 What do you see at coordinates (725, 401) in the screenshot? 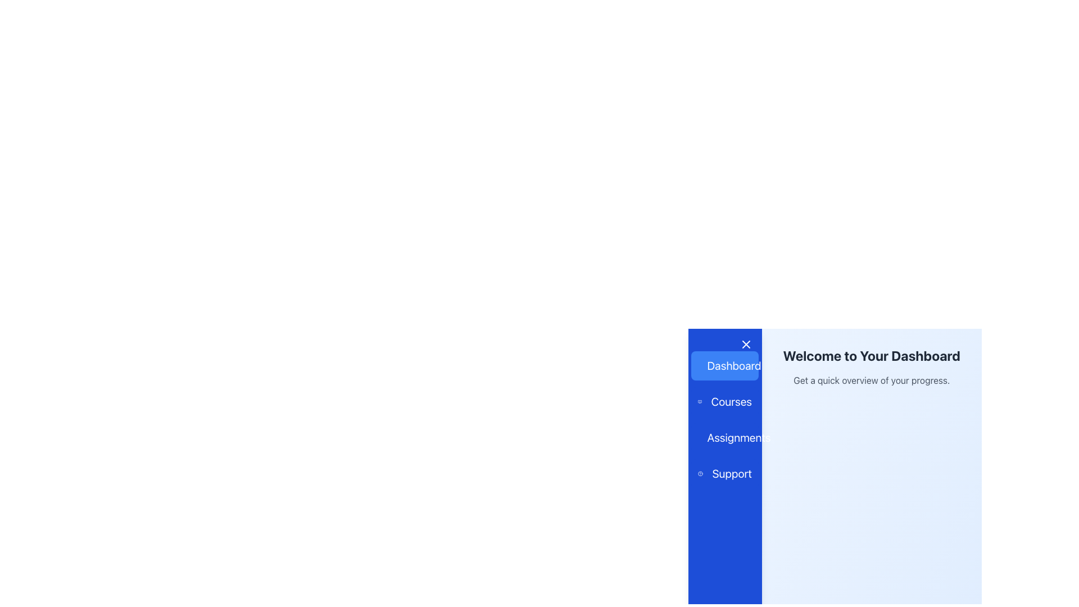
I see `the 'Courses' navigation button located in the vertical menu on the left side of the interface` at bounding box center [725, 401].